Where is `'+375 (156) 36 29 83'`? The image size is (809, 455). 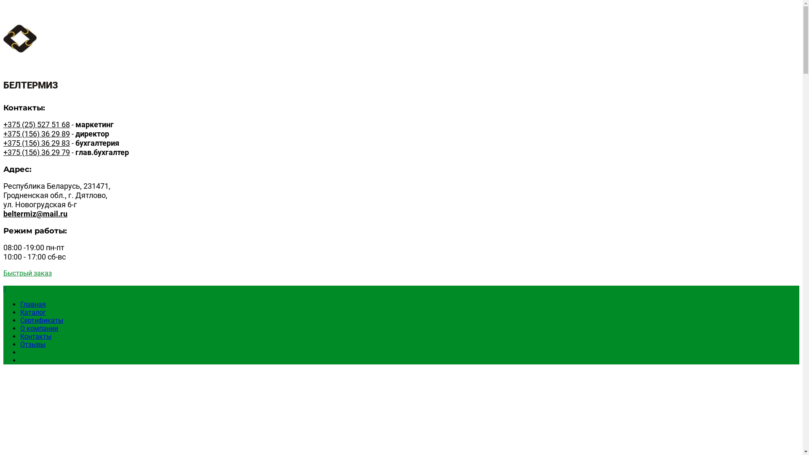
'+375 (156) 36 29 83' is located at coordinates (3, 142).